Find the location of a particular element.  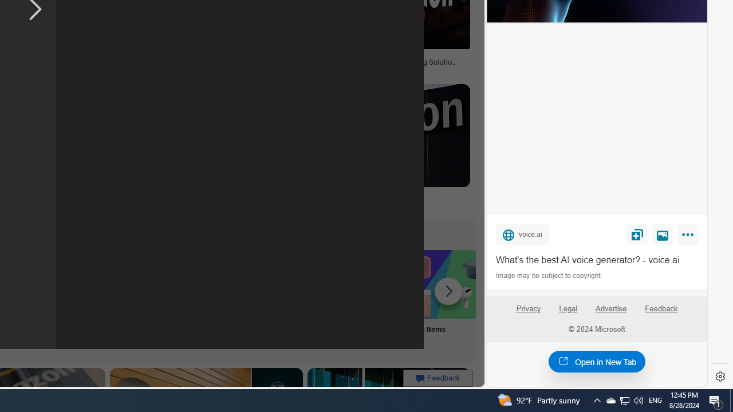

'Advertise' is located at coordinates (610, 313).